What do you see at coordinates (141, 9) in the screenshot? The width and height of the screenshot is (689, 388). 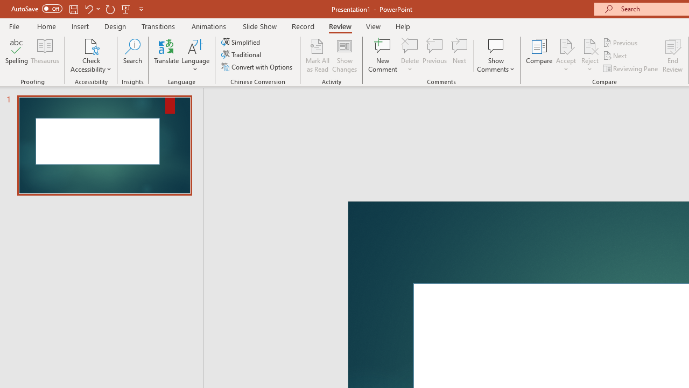 I see `'Customize Quick Access Toolbar'` at bounding box center [141, 9].